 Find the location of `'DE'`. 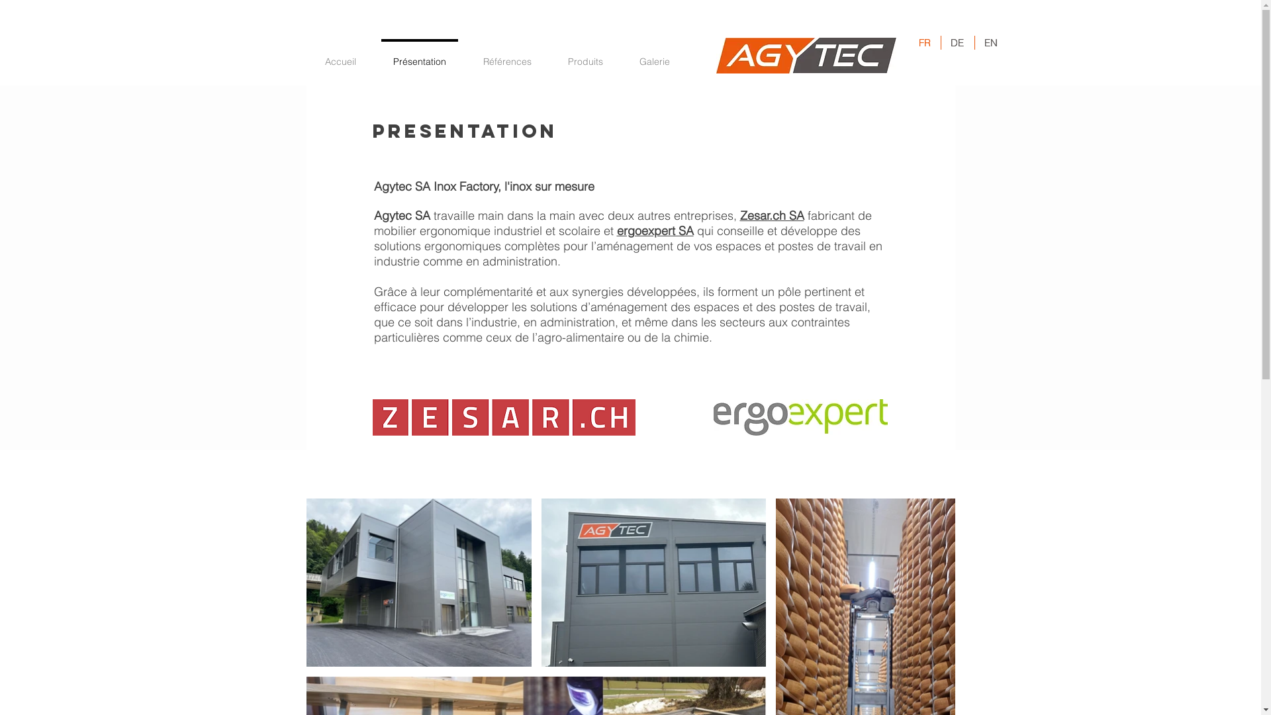

'DE' is located at coordinates (957, 42).